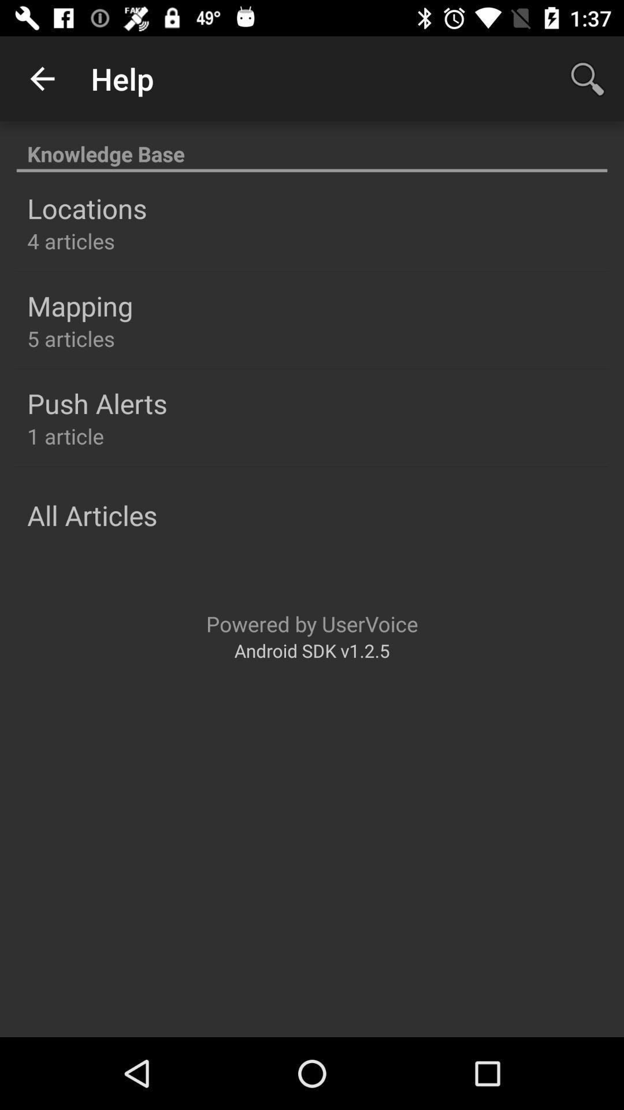 The width and height of the screenshot is (624, 1110). Describe the element at coordinates (65, 435) in the screenshot. I see `the 1 article` at that location.